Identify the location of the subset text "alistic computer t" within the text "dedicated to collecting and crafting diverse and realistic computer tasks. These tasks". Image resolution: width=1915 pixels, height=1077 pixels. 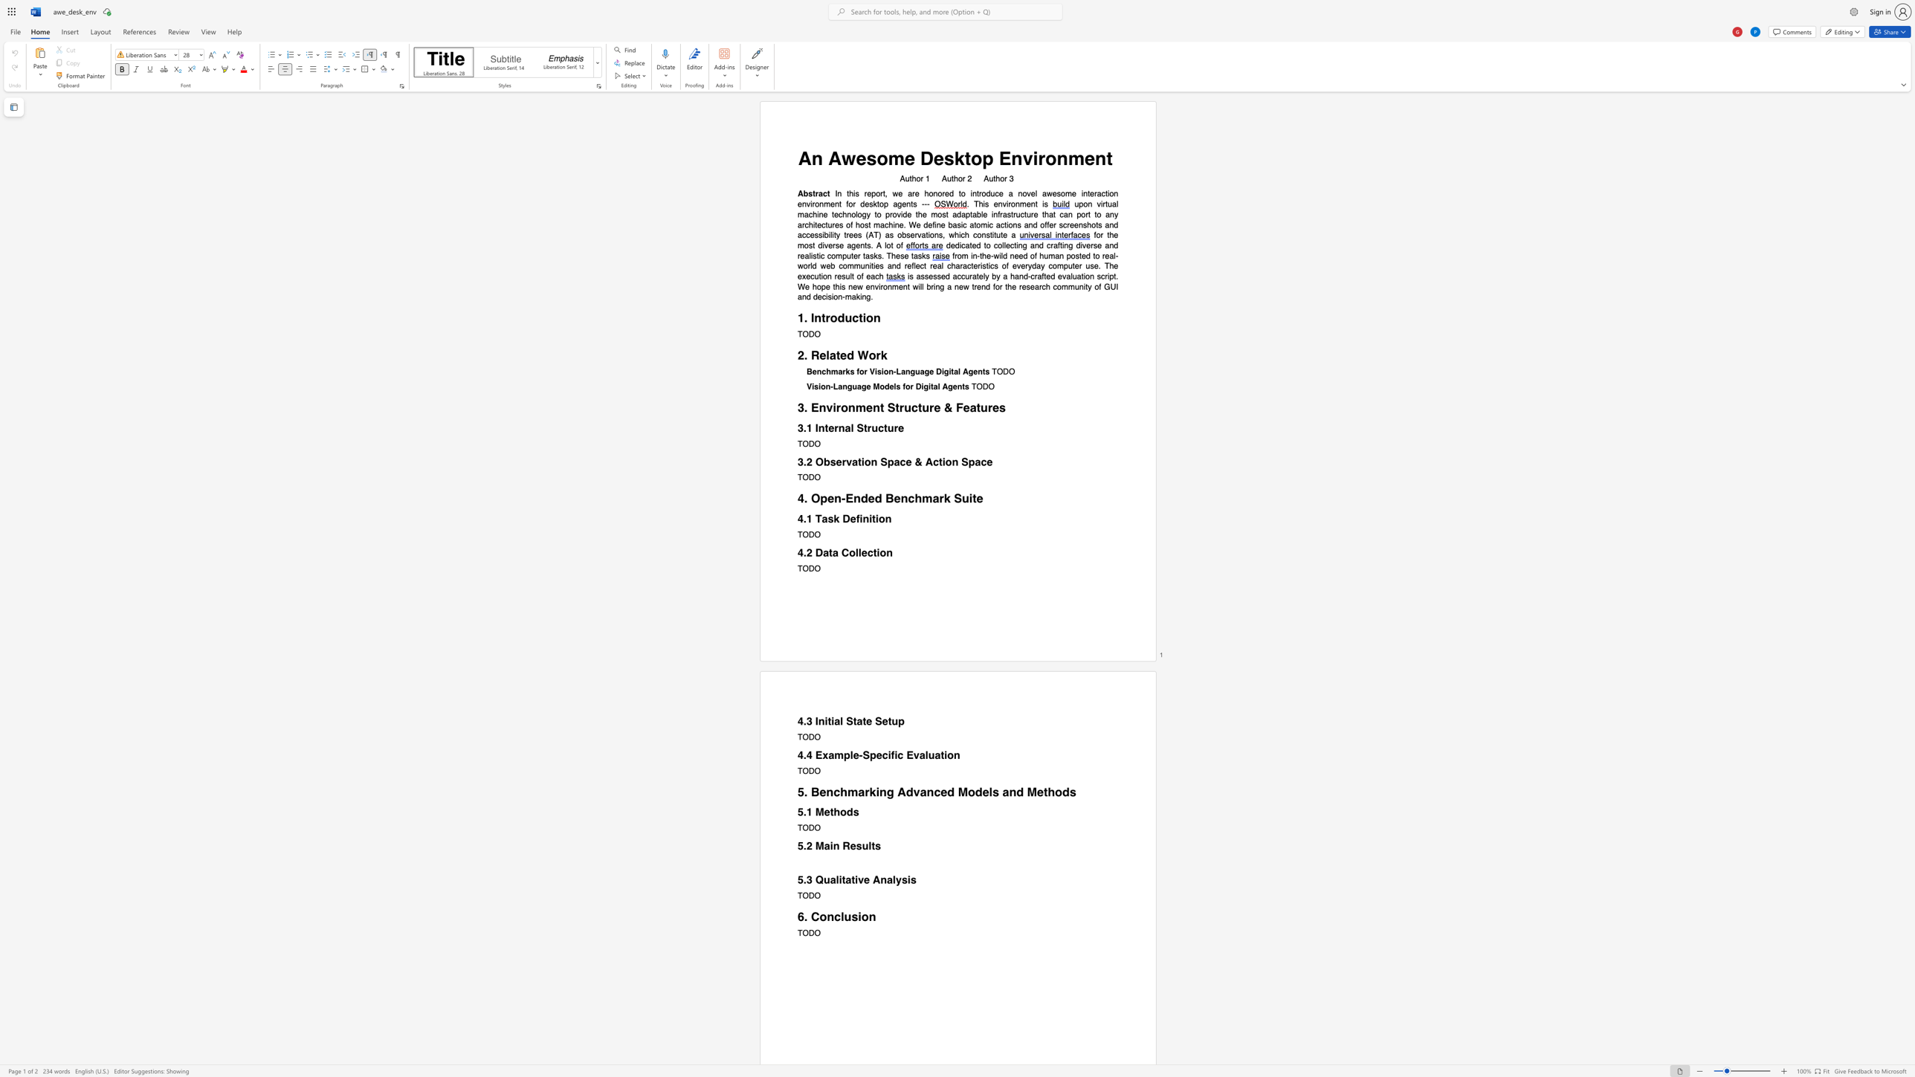
(804, 255).